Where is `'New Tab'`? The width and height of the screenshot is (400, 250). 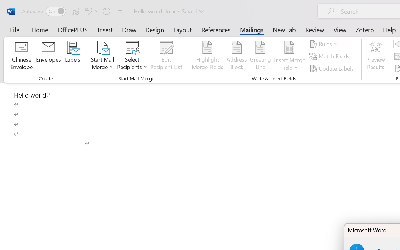 'New Tab' is located at coordinates (284, 29).